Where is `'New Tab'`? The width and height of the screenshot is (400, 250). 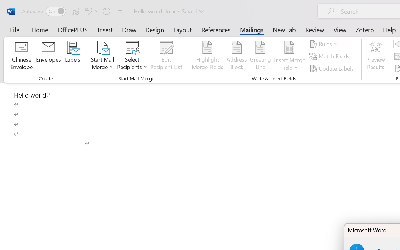 'New Tab' is located at coordinates (284, 29).